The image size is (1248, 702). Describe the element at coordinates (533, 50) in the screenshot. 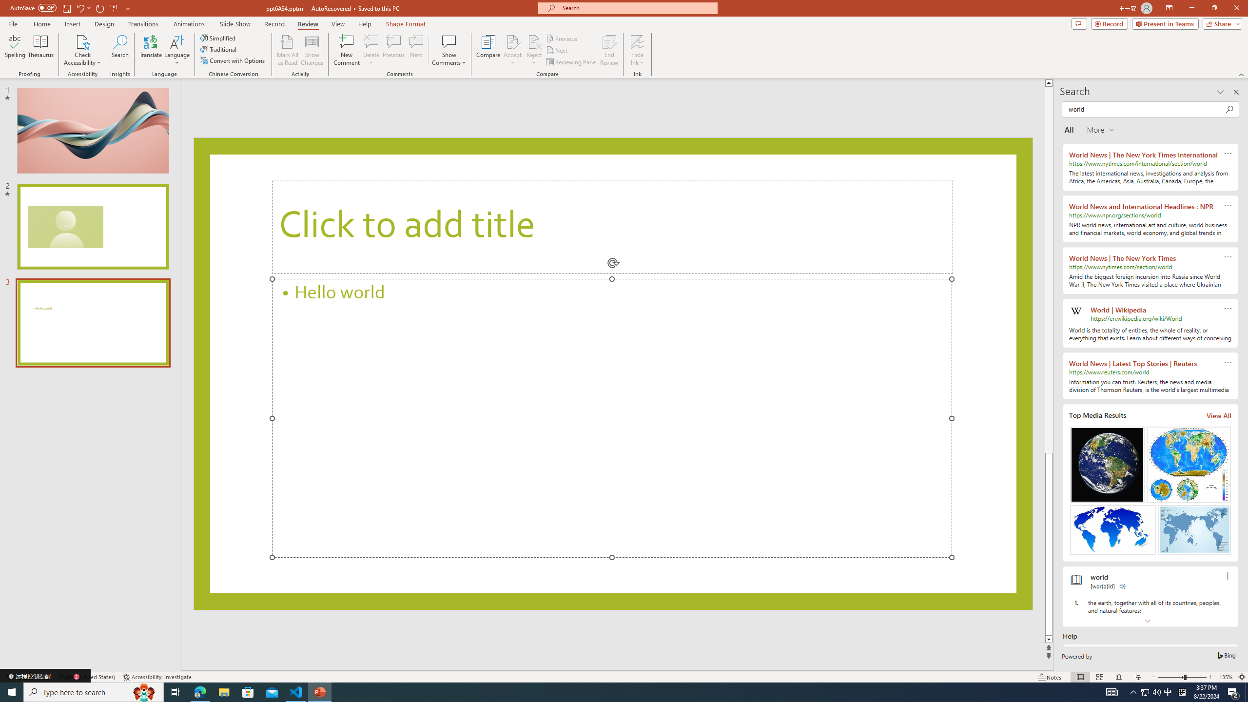

I see `'Reject'` at that location.